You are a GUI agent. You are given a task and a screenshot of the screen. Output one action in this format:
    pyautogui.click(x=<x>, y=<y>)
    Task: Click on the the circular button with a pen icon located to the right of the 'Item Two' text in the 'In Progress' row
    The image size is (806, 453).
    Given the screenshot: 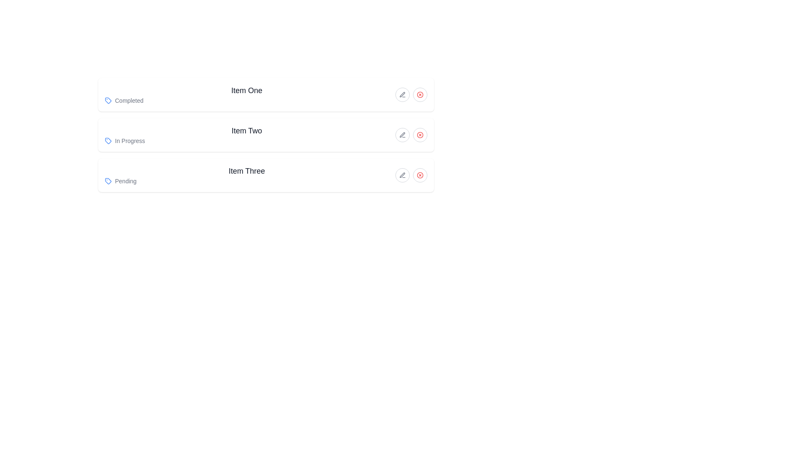 What is the action you would take?
    pyautogui.click(x=402, y=134)
    